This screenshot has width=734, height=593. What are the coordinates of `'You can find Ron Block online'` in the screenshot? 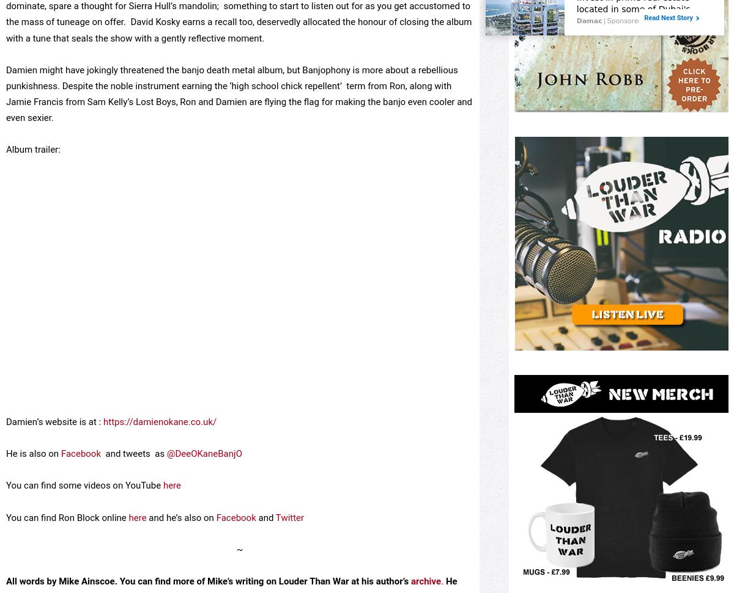 It's located at (67, 560).